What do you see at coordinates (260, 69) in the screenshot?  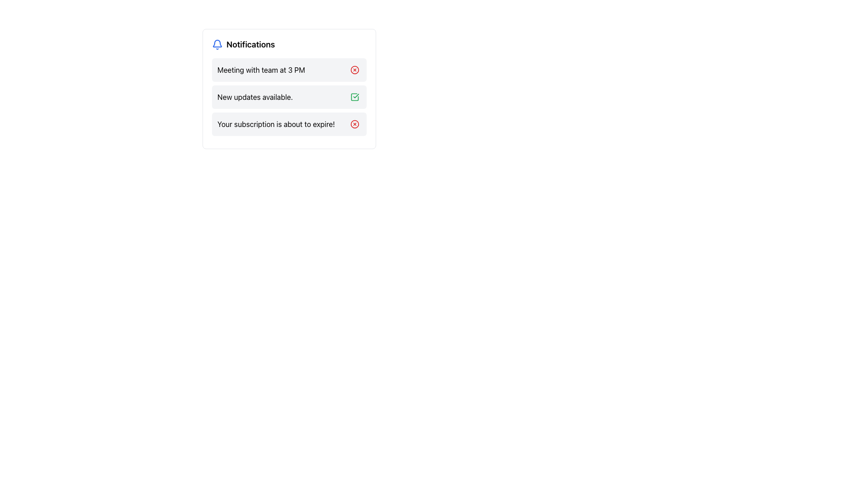 I see `the static text label that provides information about a scheduled meeting within the first notification item under the 'Notifications' header` at bounding box center [260, 69].